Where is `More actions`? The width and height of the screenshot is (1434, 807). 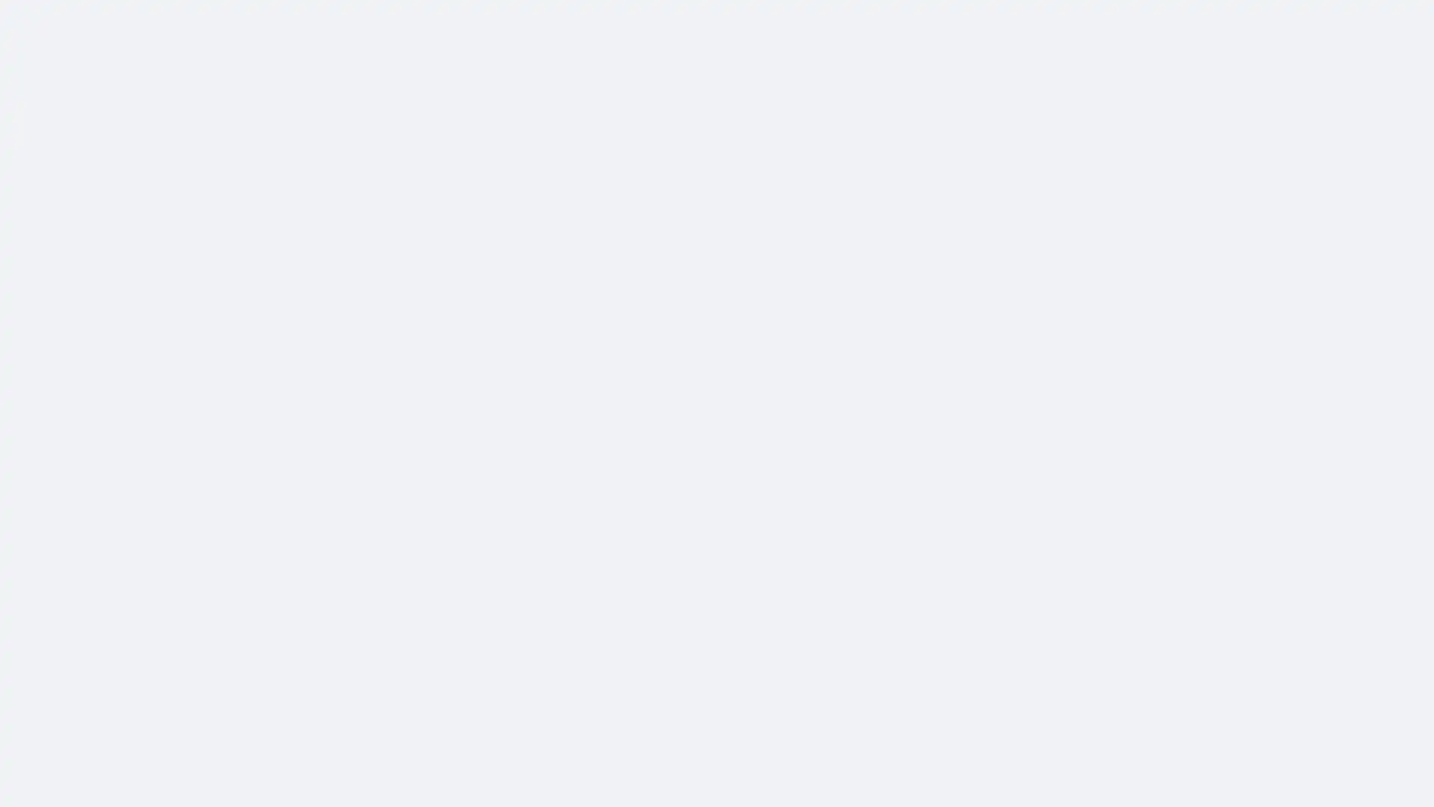 More actions is located at coordinates (1025, 194).